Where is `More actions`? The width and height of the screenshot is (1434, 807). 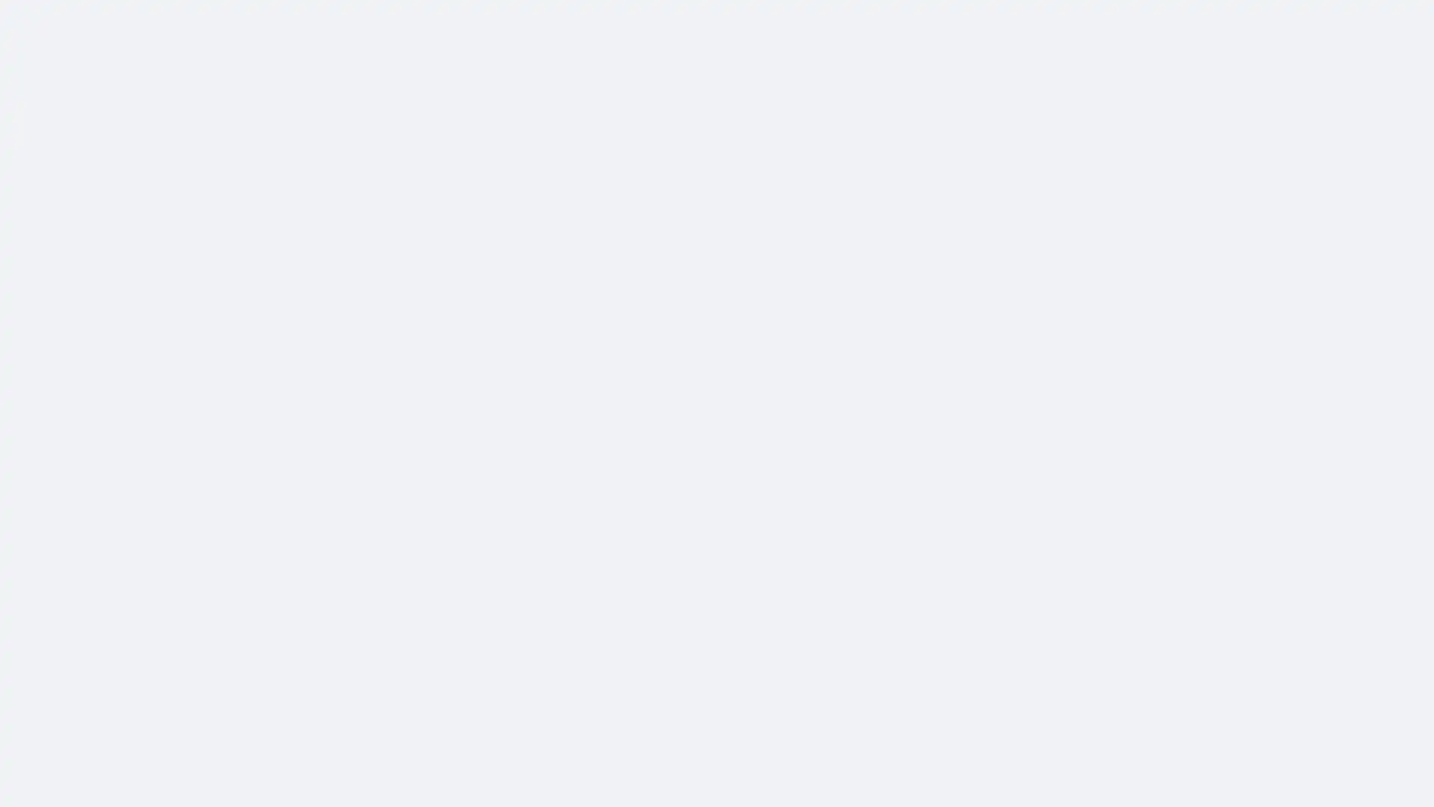 More actions is located at coordinates (1025, 194).